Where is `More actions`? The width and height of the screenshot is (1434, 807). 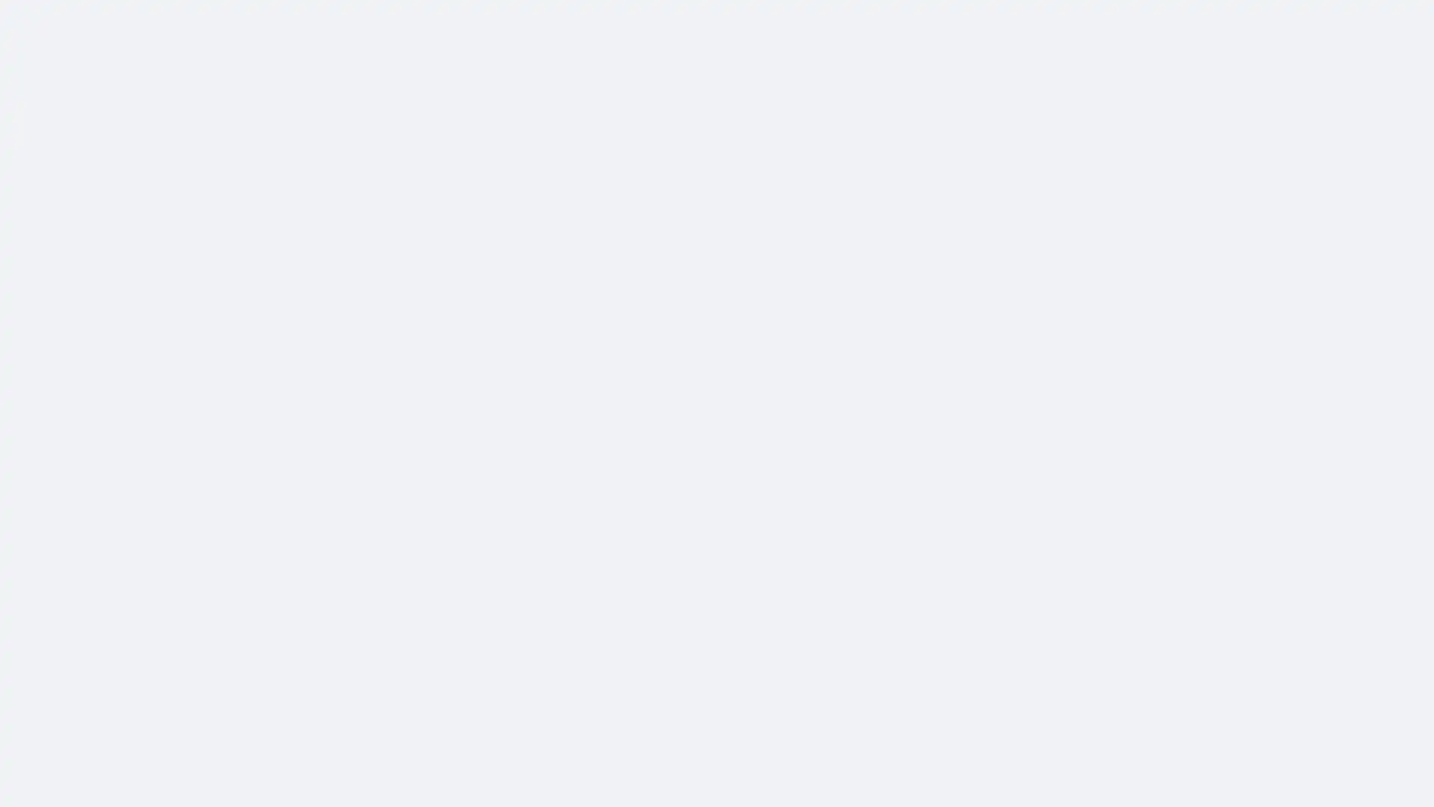 More actions is located at coordinates (1025, 194).